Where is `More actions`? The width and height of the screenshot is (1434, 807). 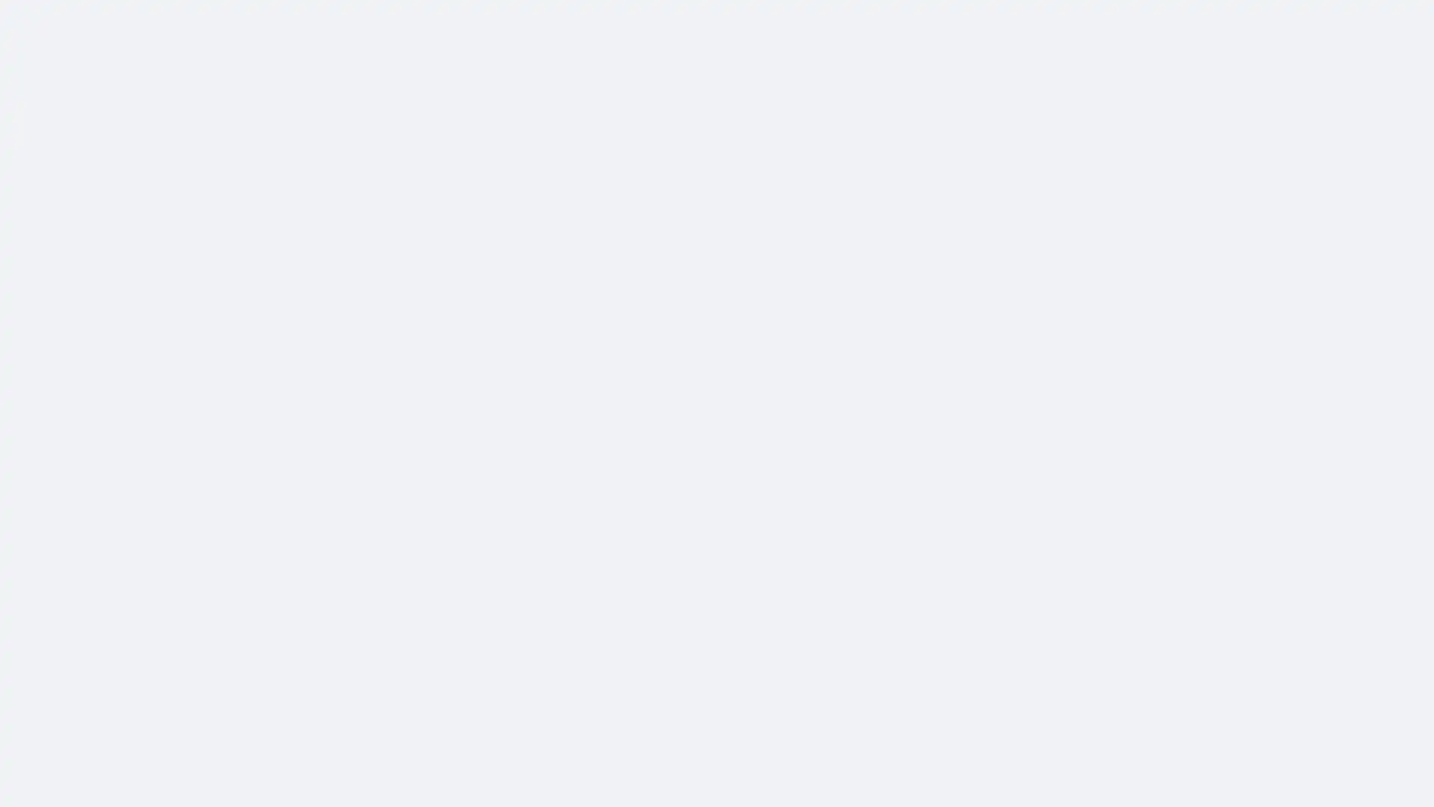 More actions is located at coordinates (1025, 194).